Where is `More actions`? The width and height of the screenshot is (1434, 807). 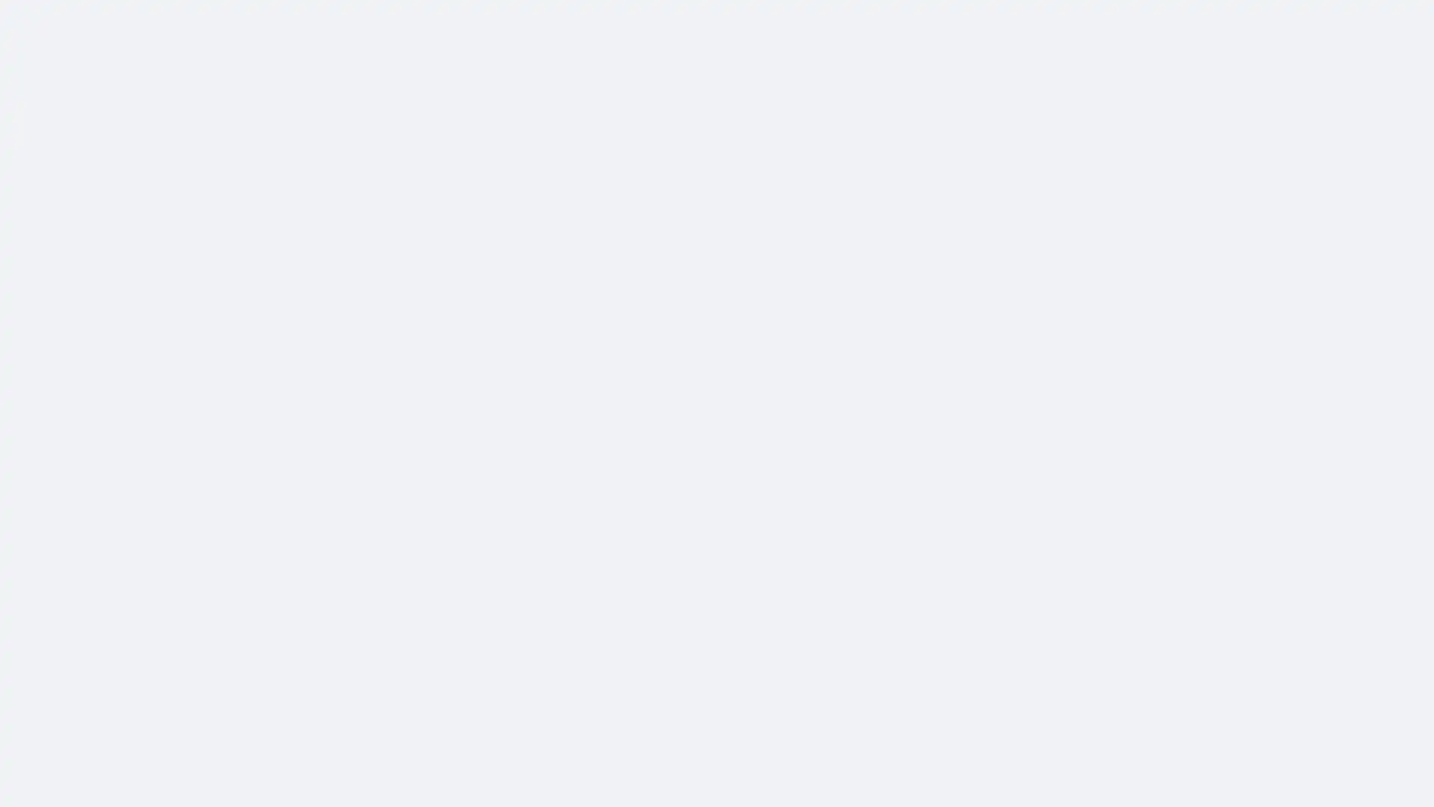 More actions is located at coordinates (1025, 194).